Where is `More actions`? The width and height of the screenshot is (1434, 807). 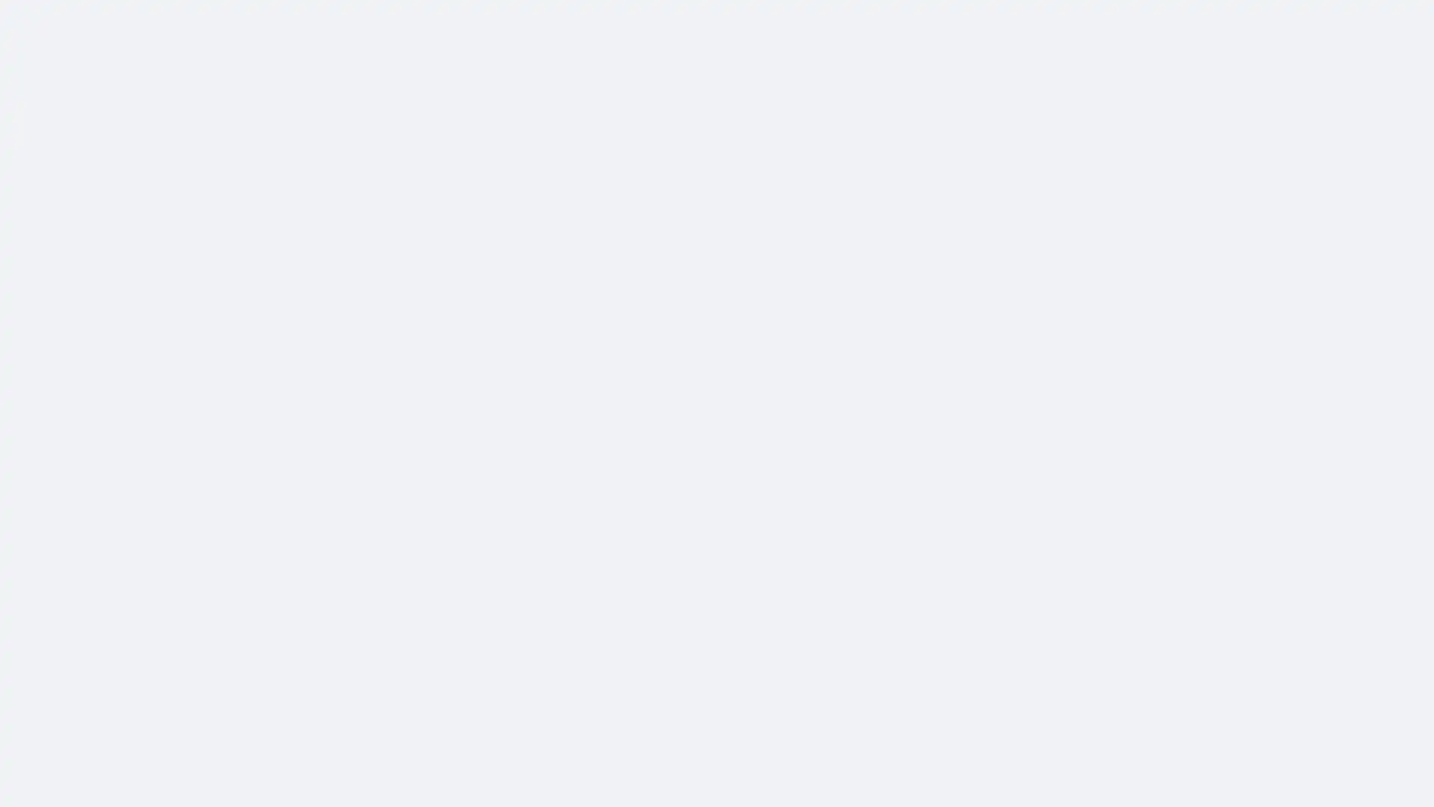 More actions is located at coordinates (1025, 194).